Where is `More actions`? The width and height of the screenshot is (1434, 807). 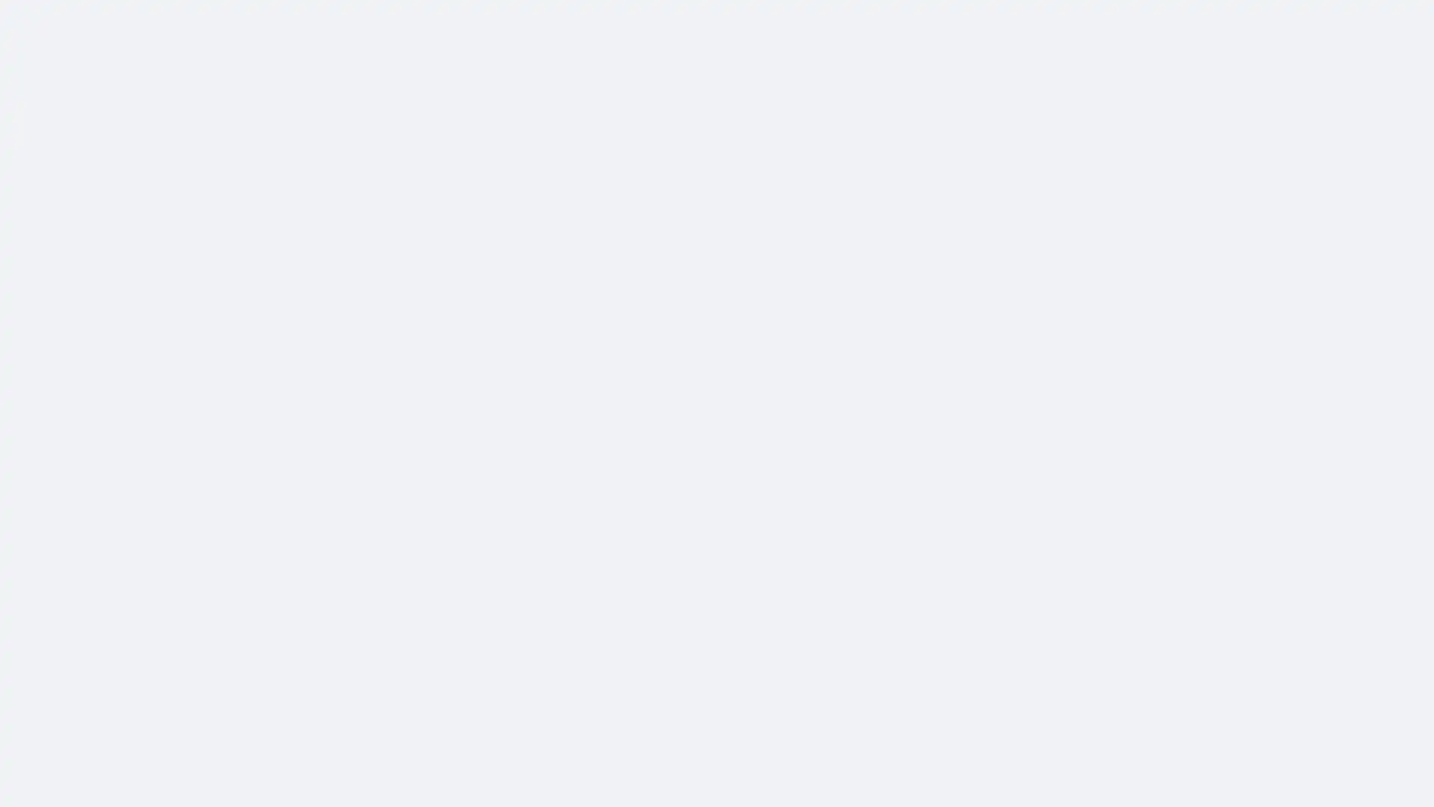 More actions is located at coordinates (1025, 194).